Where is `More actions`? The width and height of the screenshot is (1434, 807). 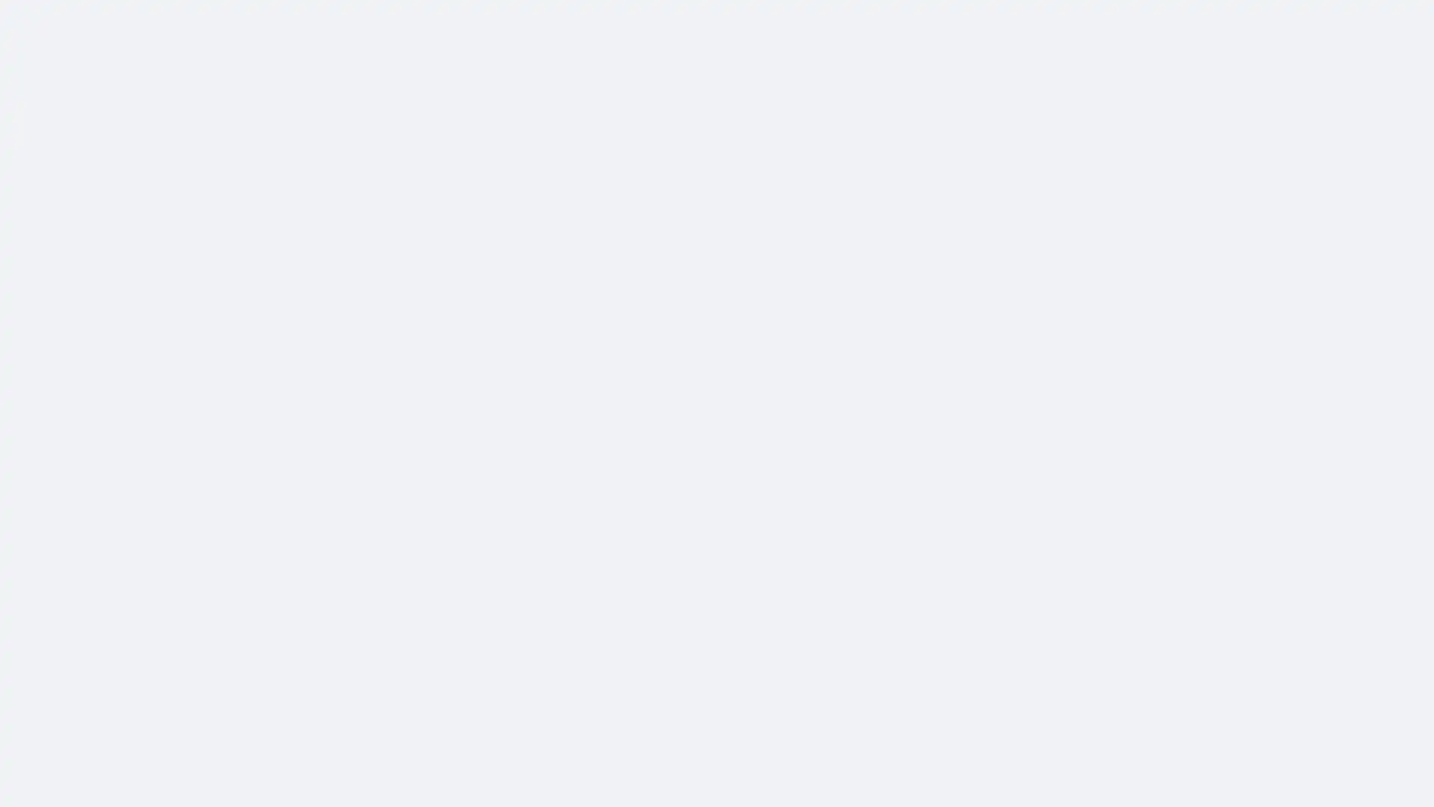 More actions is located at coordinates (1025, 194).